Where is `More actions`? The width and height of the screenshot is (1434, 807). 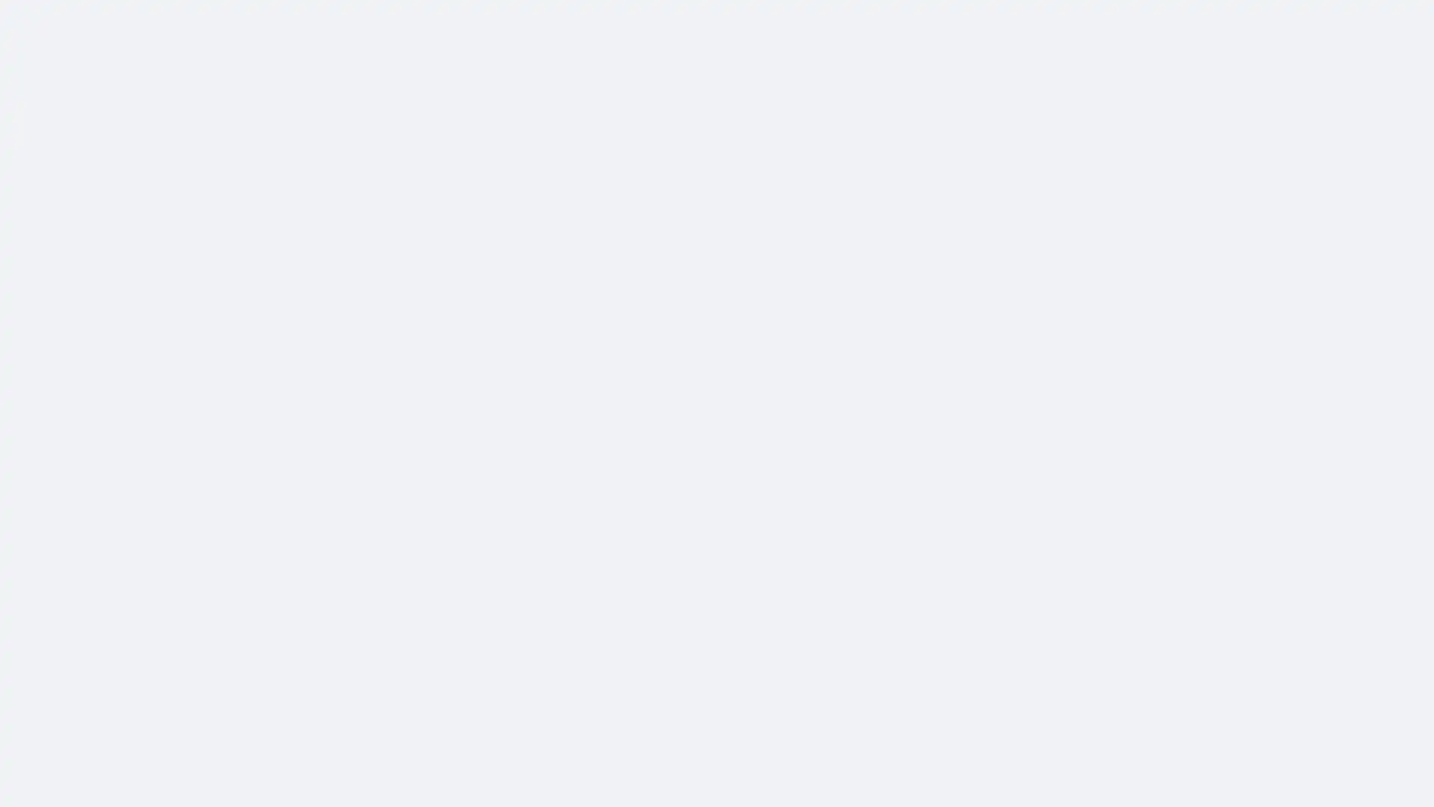 More actions is located at coordinates (1025, 194).